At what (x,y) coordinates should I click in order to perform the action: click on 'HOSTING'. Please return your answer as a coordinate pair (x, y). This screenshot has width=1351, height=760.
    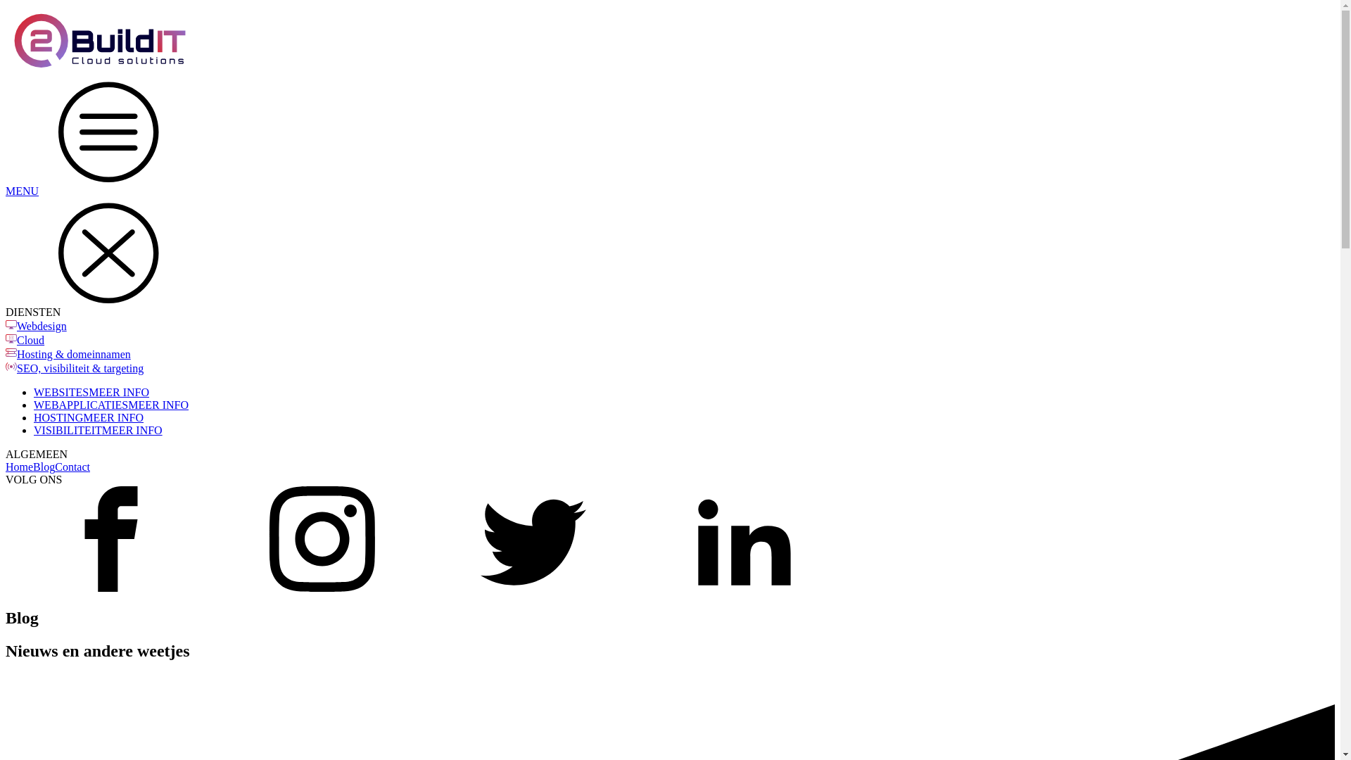
    Looking at the image, I should click on (34, 417).